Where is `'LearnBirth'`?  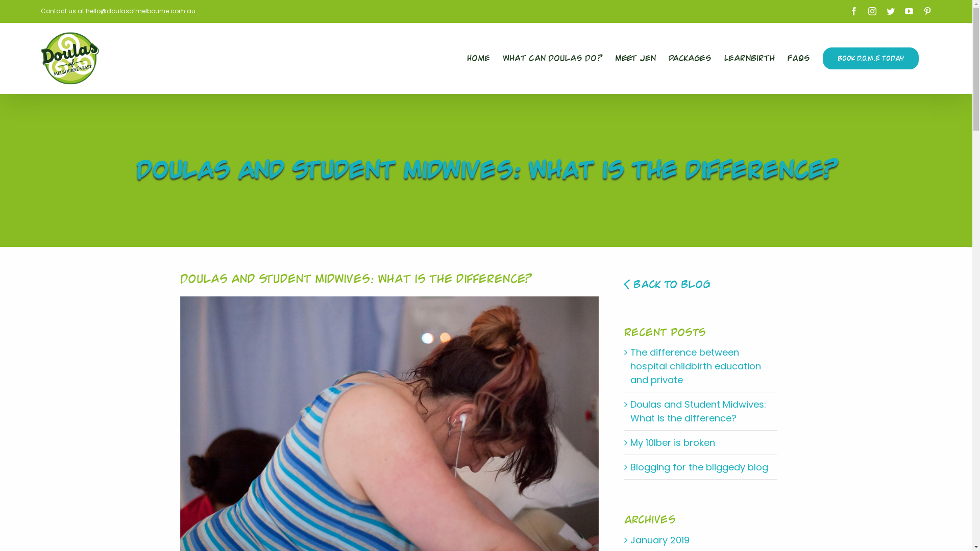 'LearnBirth' is located at coordinates (749, 58).